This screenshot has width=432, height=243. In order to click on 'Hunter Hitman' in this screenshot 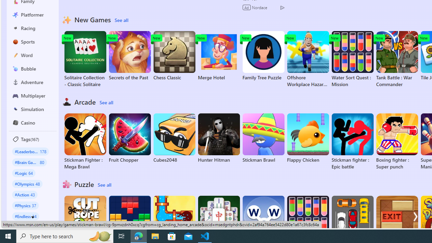, I will do `click(219, 138)`.